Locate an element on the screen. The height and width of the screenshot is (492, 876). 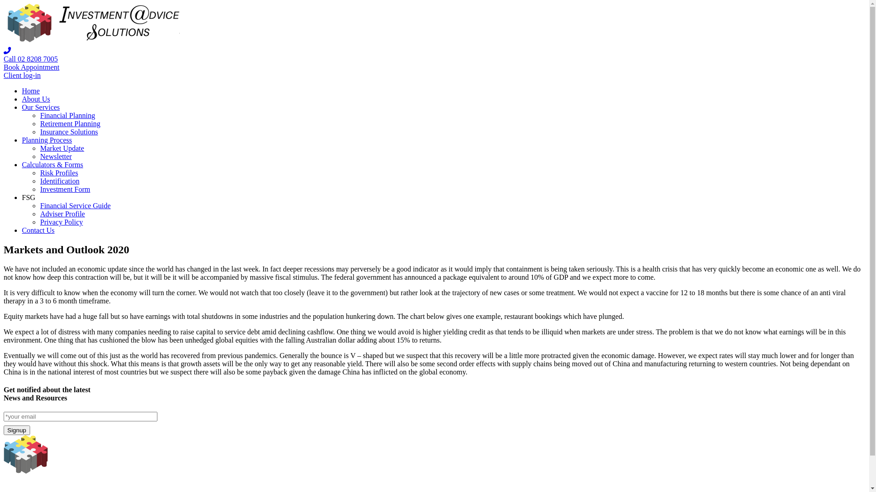
'Call 02 8208 7005' is located at coordinates (31, 59).